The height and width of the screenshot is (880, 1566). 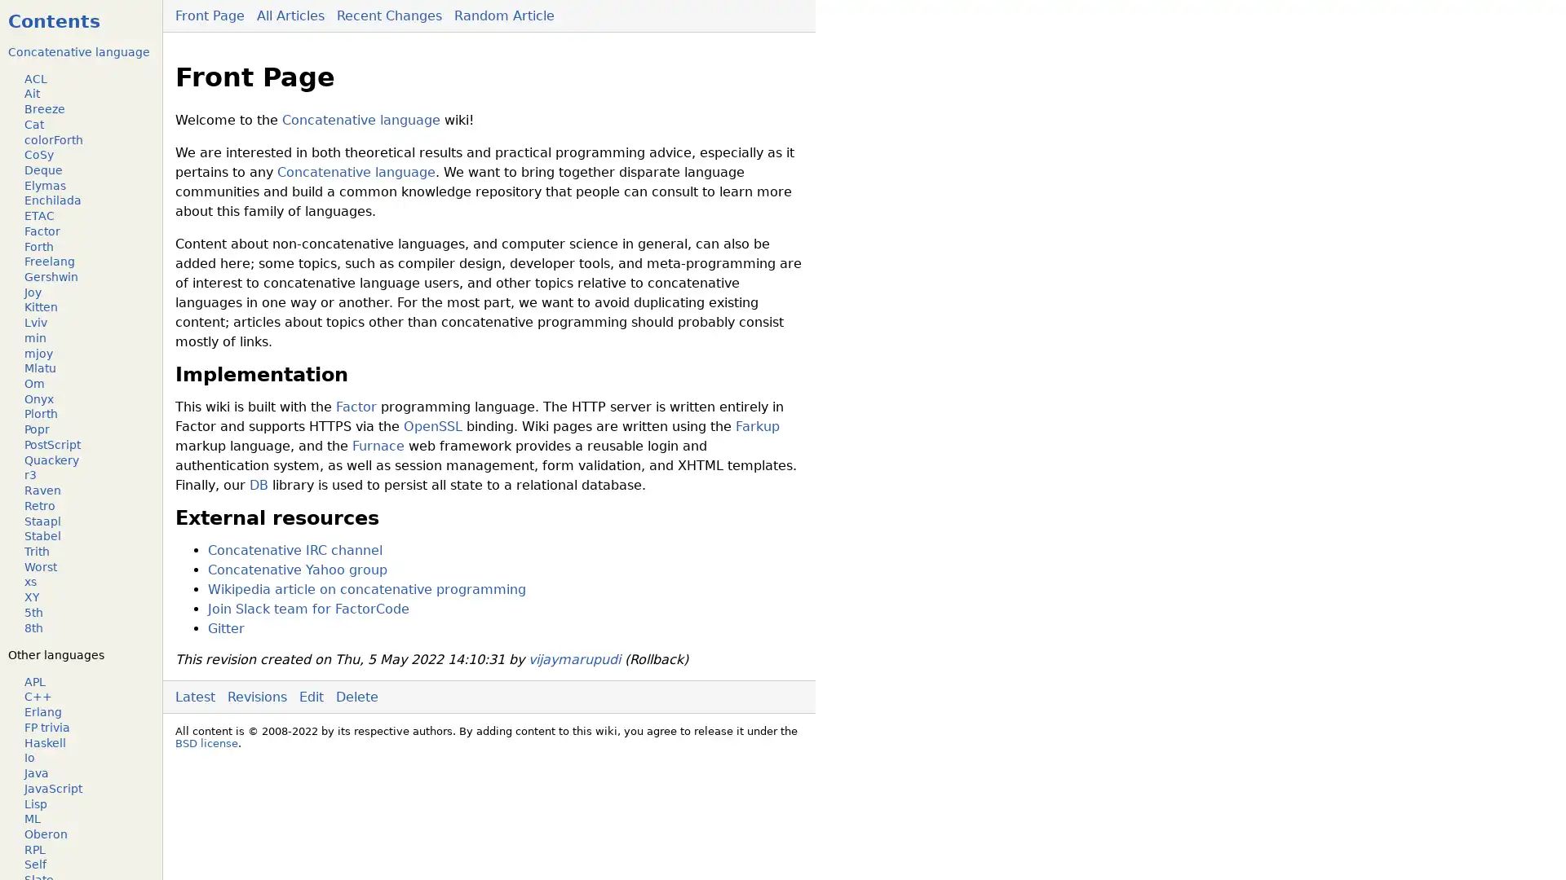 I want to click on Delete, so click(x=356, y=697).